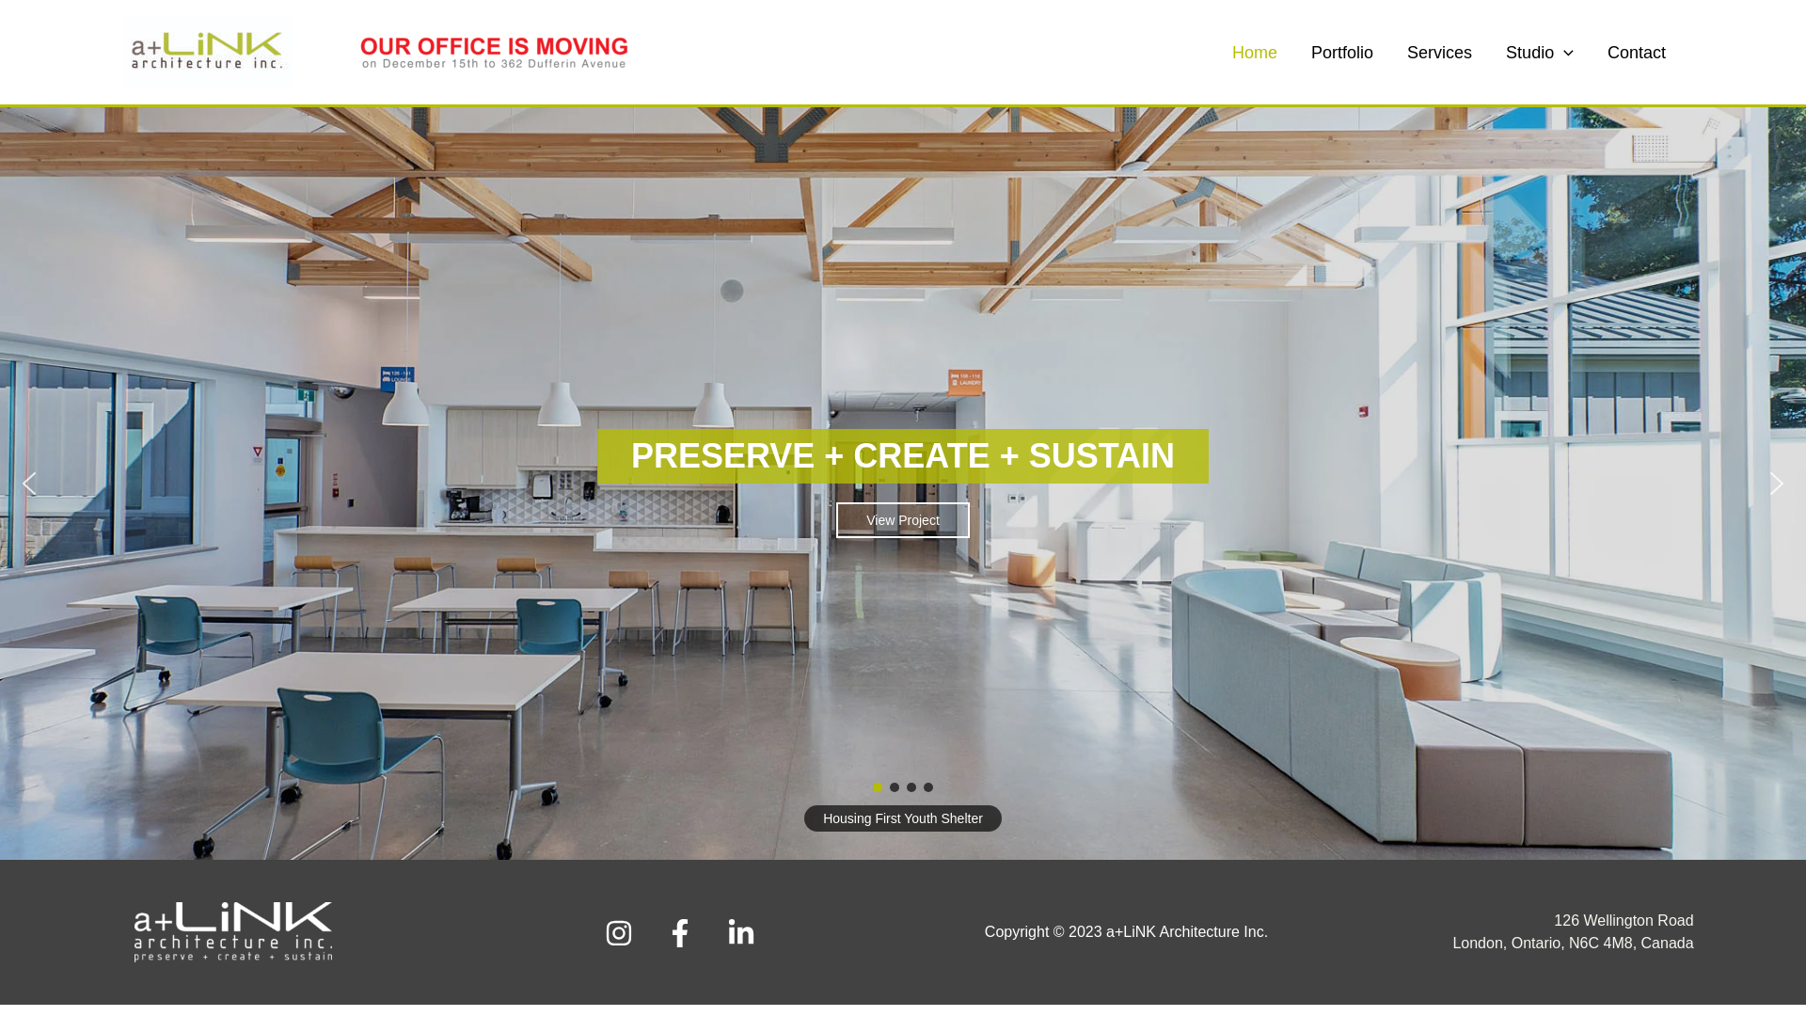 The height and width of the screenshot is (1016, 1806). I want to click on 'Home', so click(1255, 50).